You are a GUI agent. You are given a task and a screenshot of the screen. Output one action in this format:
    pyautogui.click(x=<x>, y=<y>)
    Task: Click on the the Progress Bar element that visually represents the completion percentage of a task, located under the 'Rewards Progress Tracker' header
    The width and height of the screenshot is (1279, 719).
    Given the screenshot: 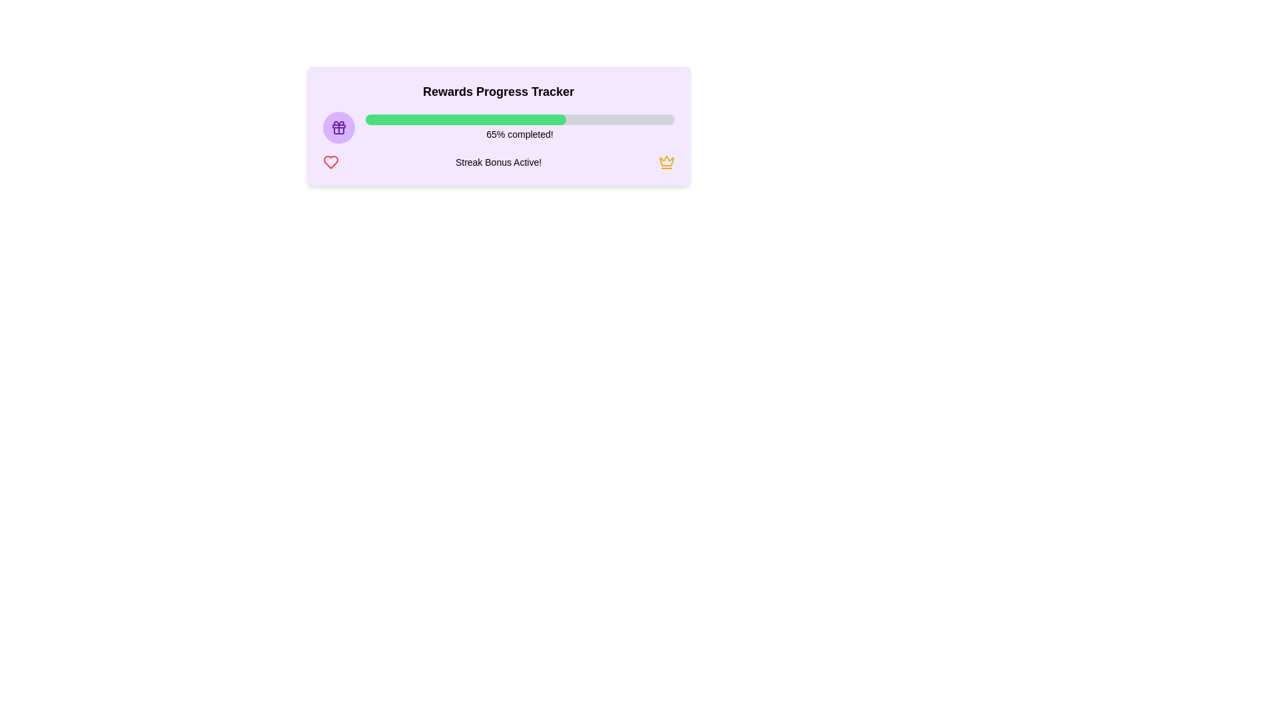 What is the action you would take?
    pyautogui.click(x=498, y=128)
    